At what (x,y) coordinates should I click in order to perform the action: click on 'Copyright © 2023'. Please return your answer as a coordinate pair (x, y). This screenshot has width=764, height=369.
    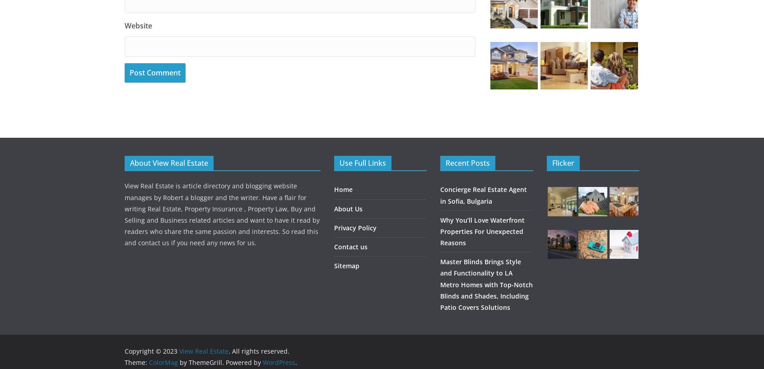
    Looking at the image, I should click on (124, 351).